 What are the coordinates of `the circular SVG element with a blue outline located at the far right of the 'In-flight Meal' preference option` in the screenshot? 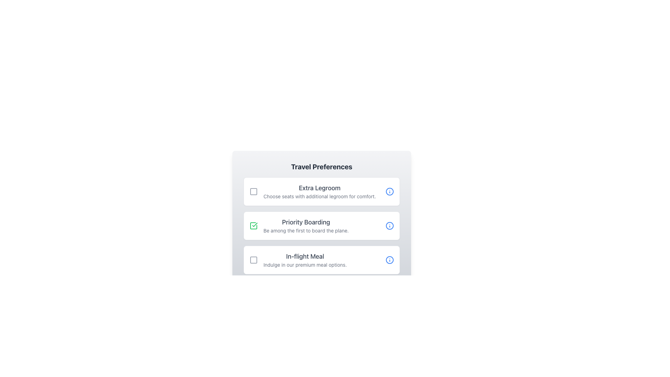 It's located at (389, 260).